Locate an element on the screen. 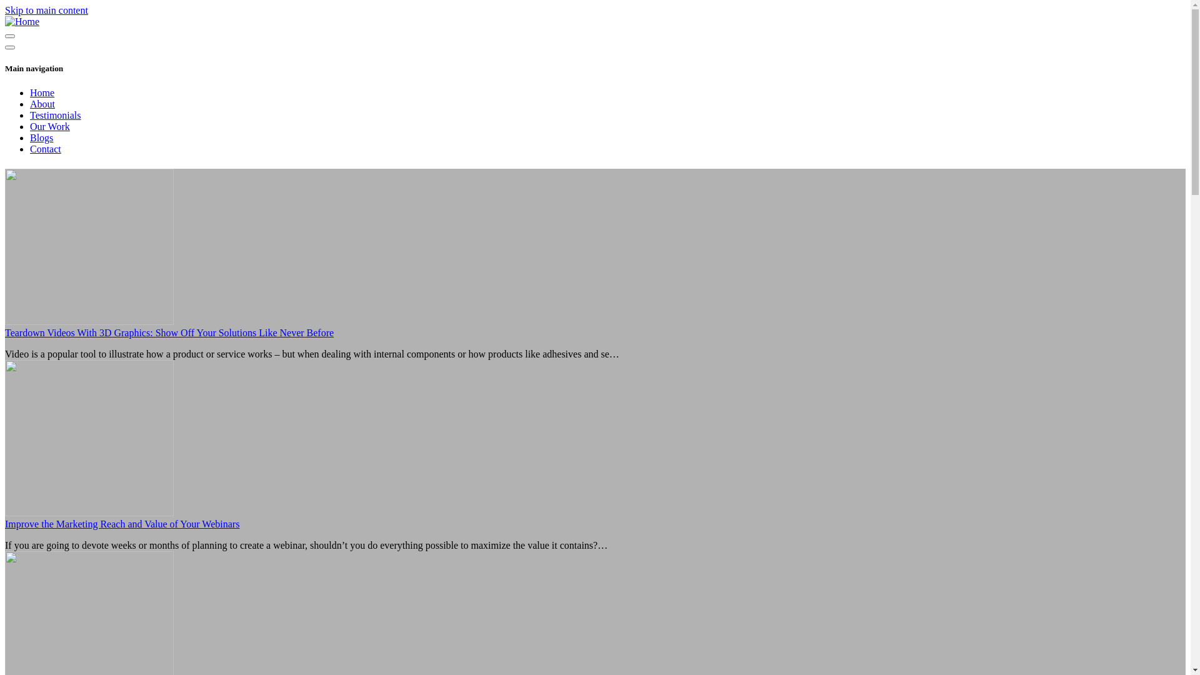  'Testimonials' is located at coordinates (30, 115).